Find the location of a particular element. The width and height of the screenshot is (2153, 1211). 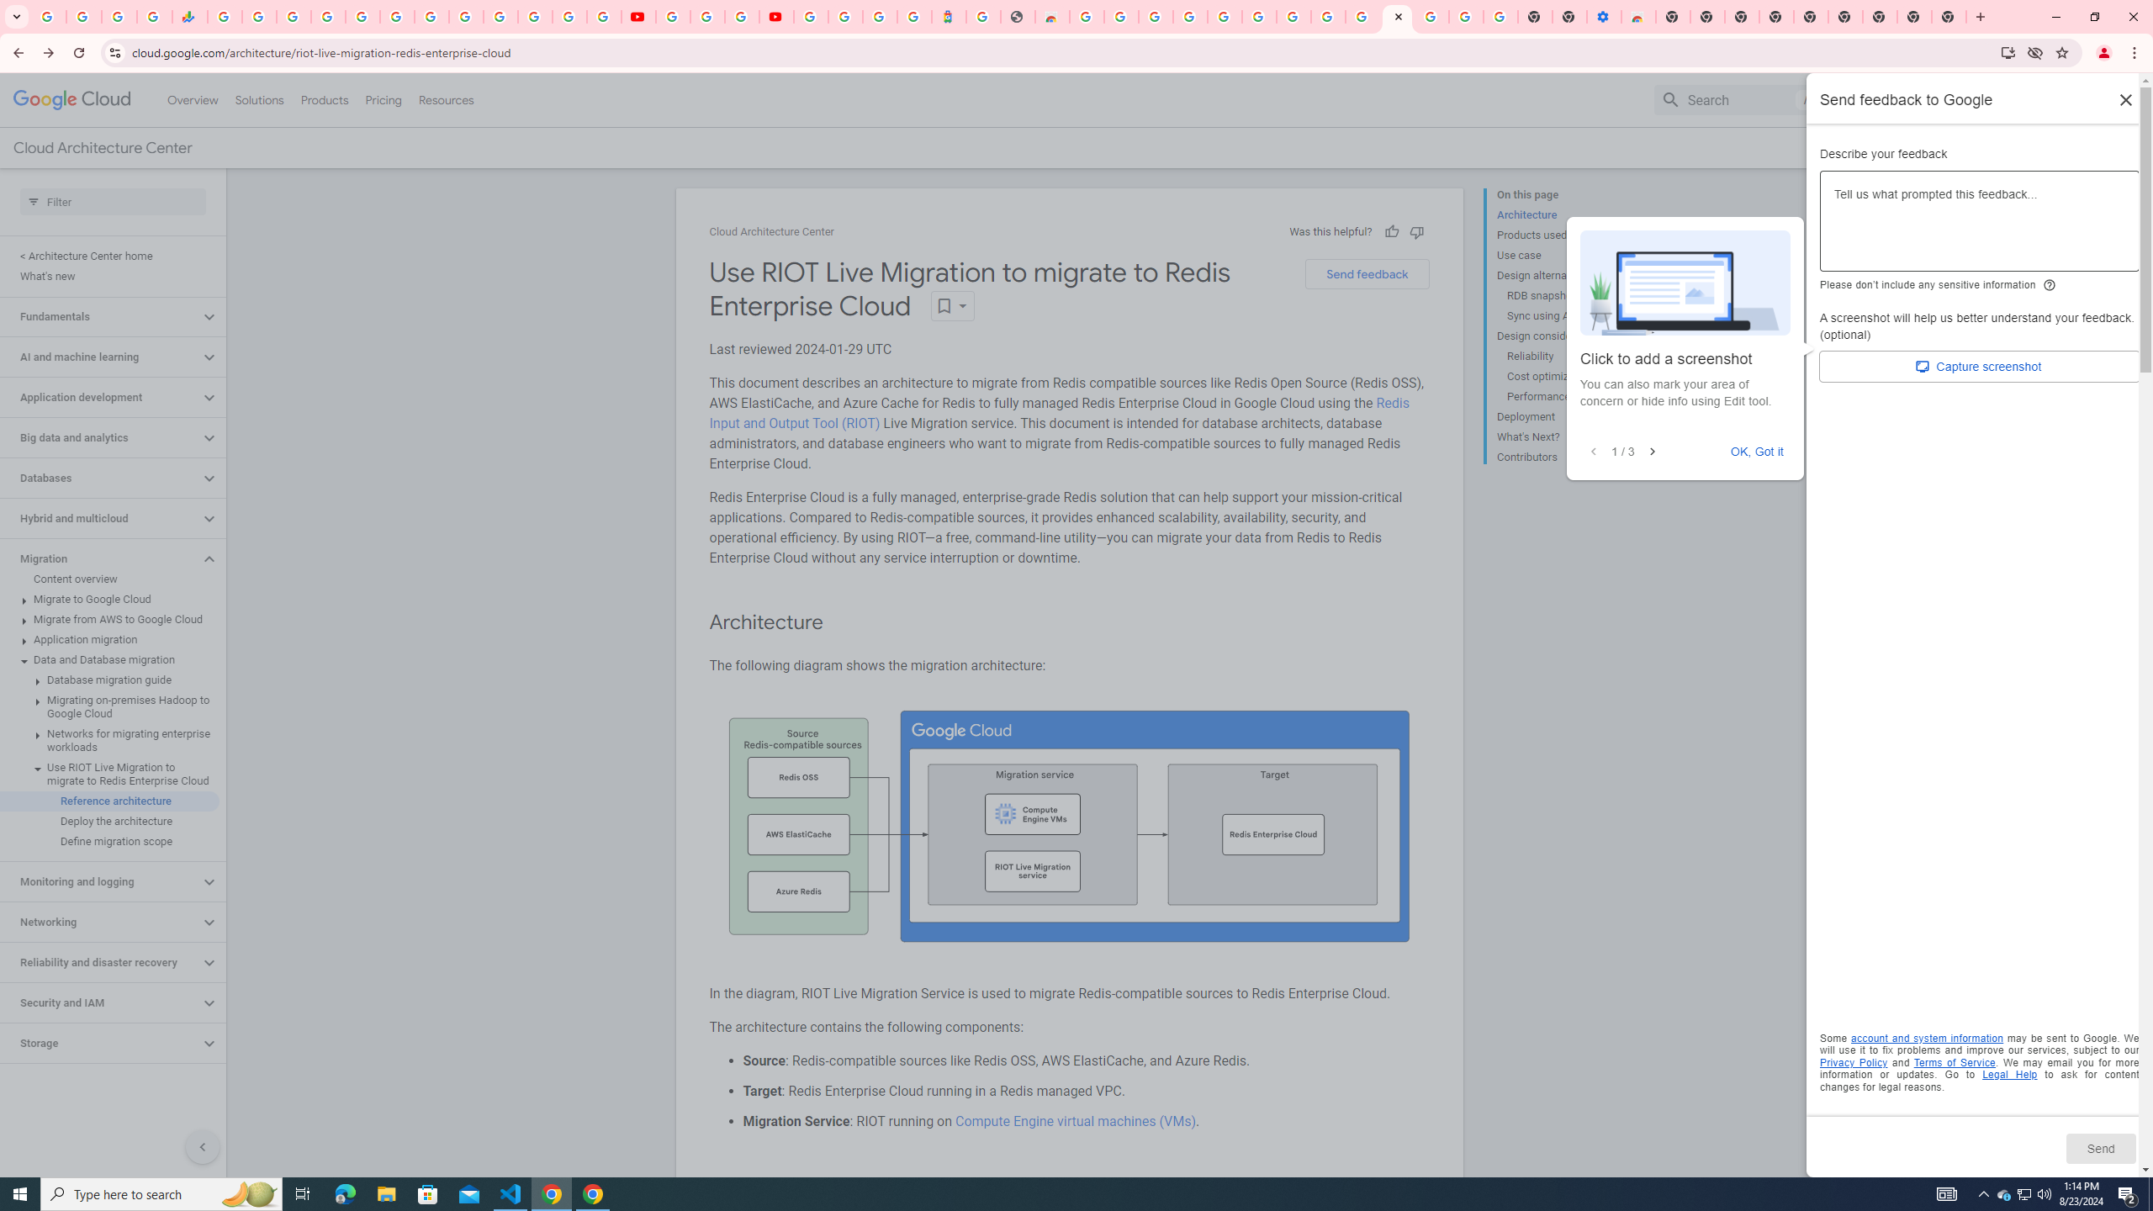

'Application migration' is located at coordinates (109, 640).